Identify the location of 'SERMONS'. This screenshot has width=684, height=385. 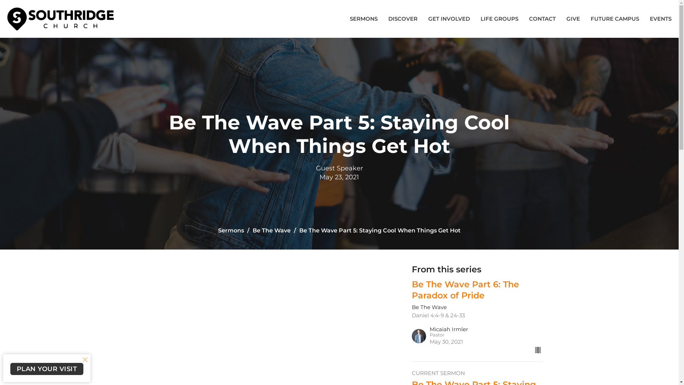
(350, 18).